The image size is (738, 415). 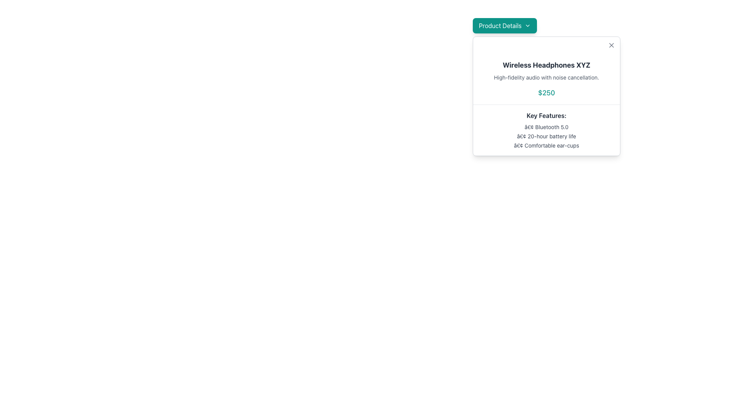 What do you see at coordinates (611, 45) in the screenshot?
I see `the close button located at the top-right corner of the card for 'Wireless Headphones XYZ'` at bounding box center [611, 45].